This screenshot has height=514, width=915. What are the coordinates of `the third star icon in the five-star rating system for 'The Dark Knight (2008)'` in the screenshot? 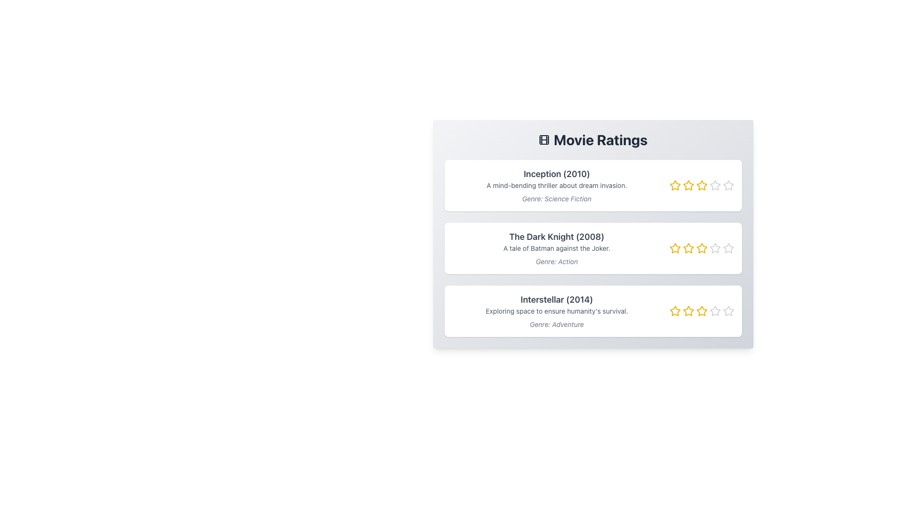 It's located at (701, 247).